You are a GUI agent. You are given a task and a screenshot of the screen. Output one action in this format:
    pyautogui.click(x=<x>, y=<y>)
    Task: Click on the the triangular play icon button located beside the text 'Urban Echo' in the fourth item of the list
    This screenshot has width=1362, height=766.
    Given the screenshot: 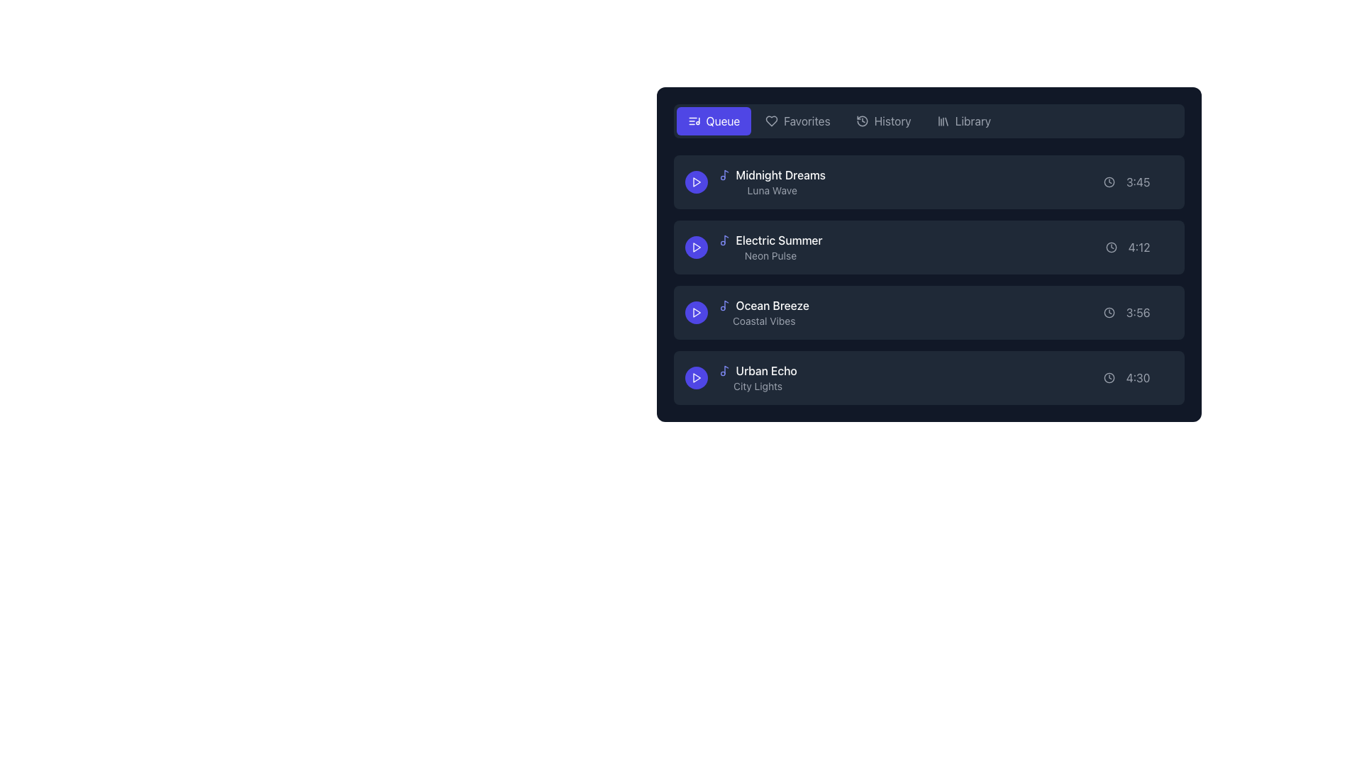 What is the action you would take?
    pyautogui.click(x=696, y=377)
    